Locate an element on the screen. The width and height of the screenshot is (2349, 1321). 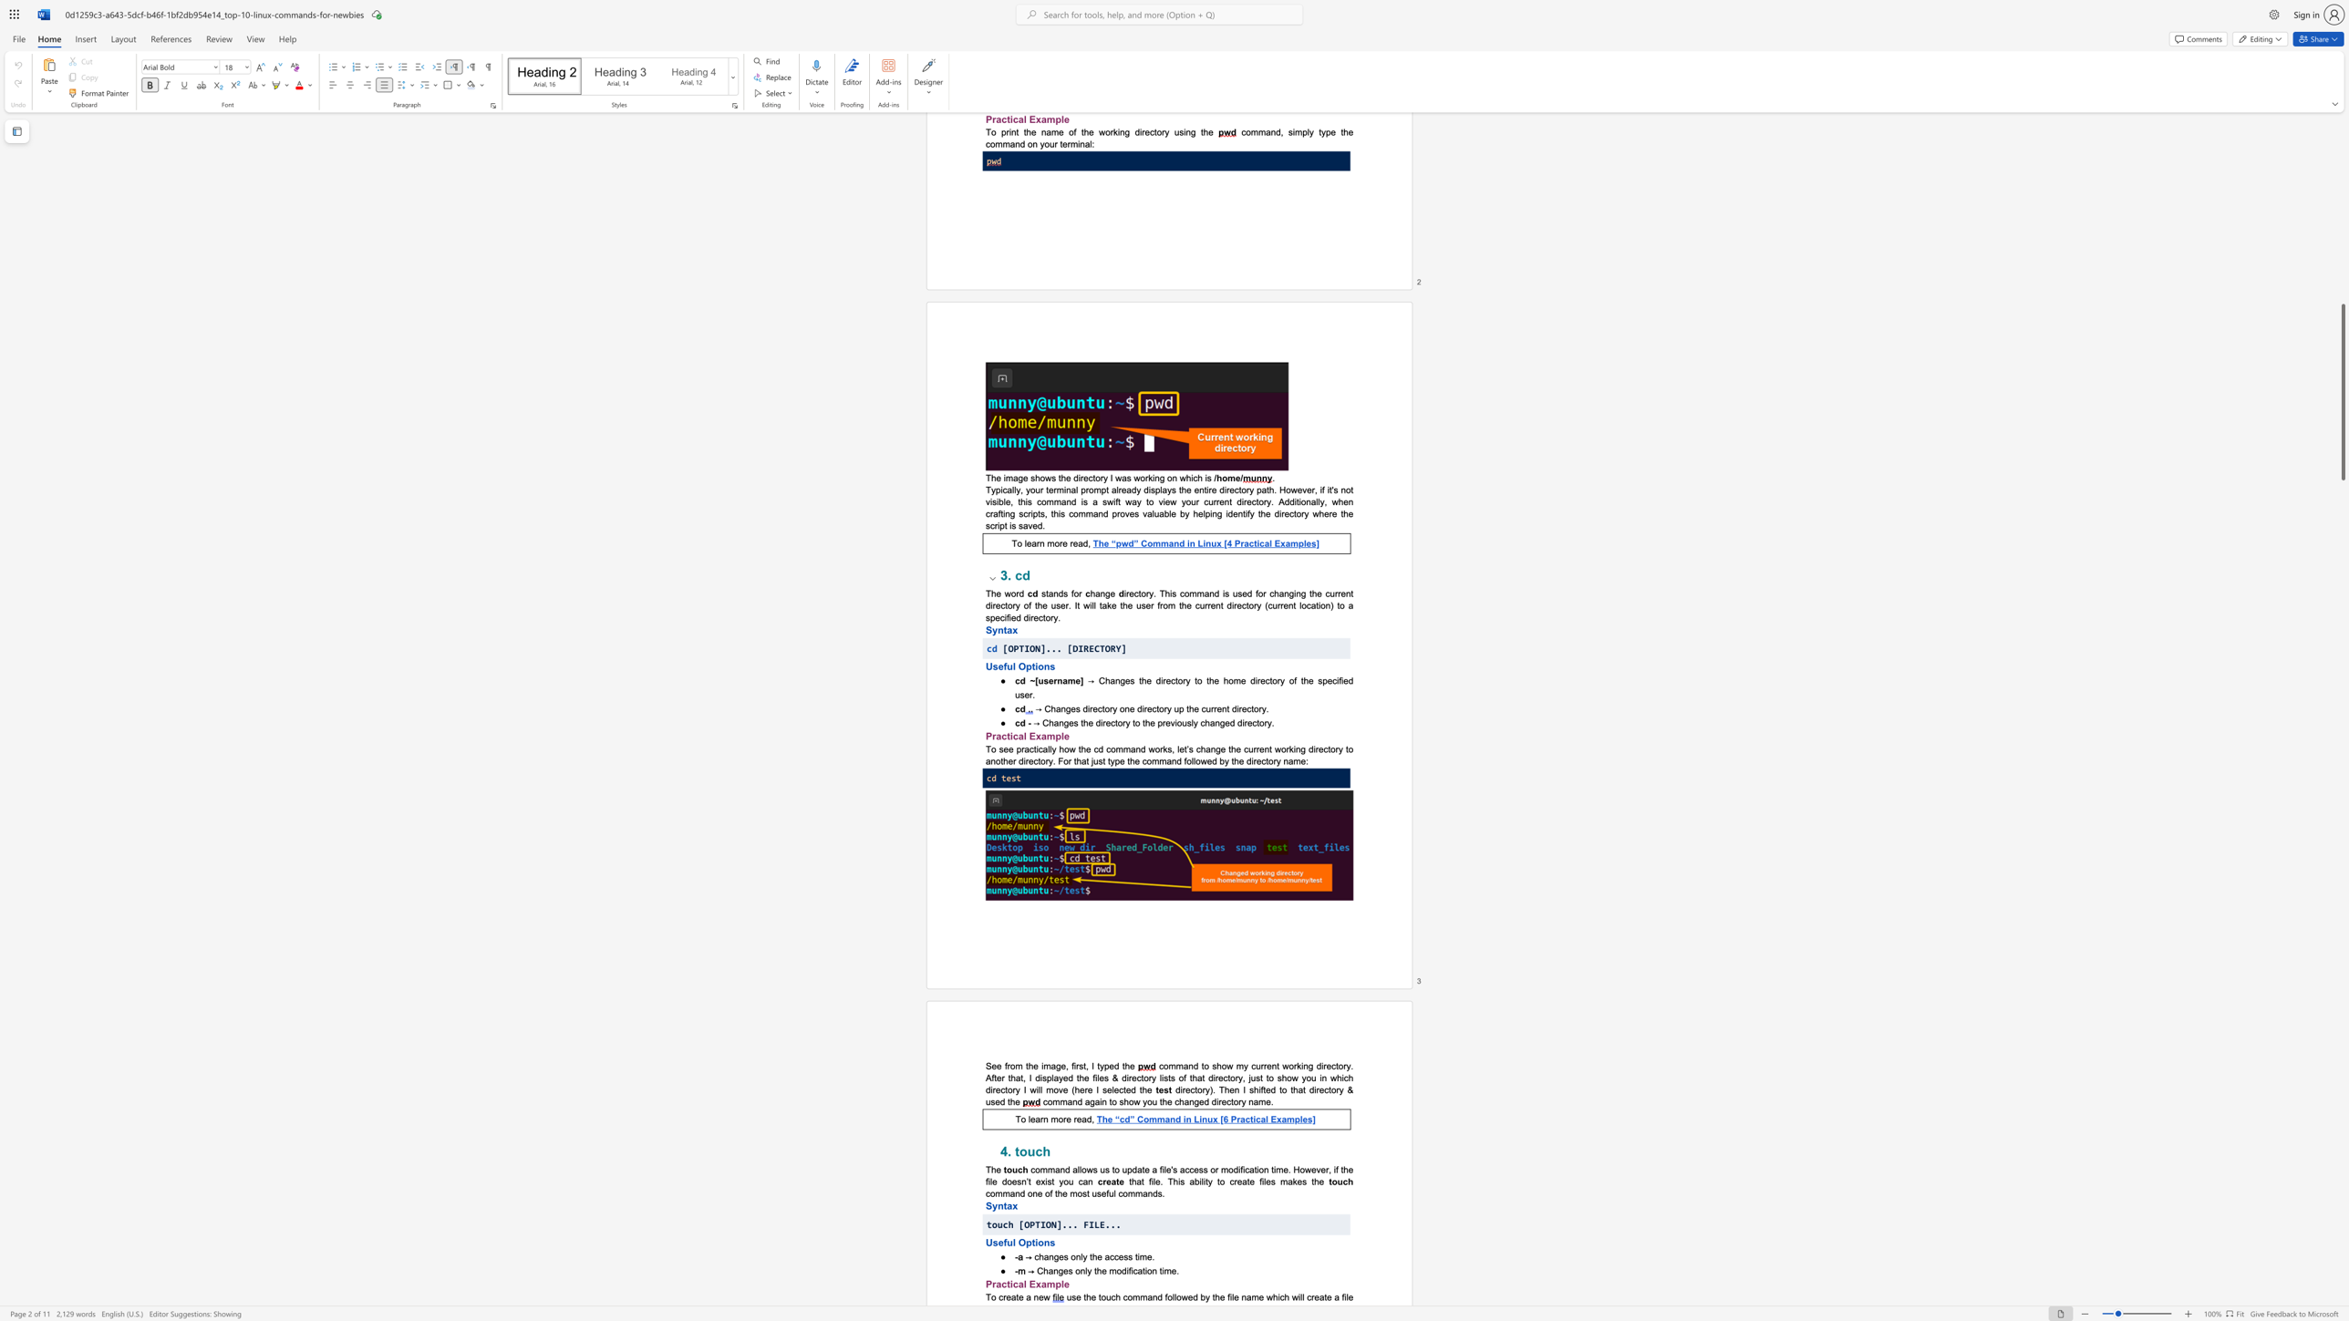
the 1th character "e" in the text is located at coordinates (1066, 1283).